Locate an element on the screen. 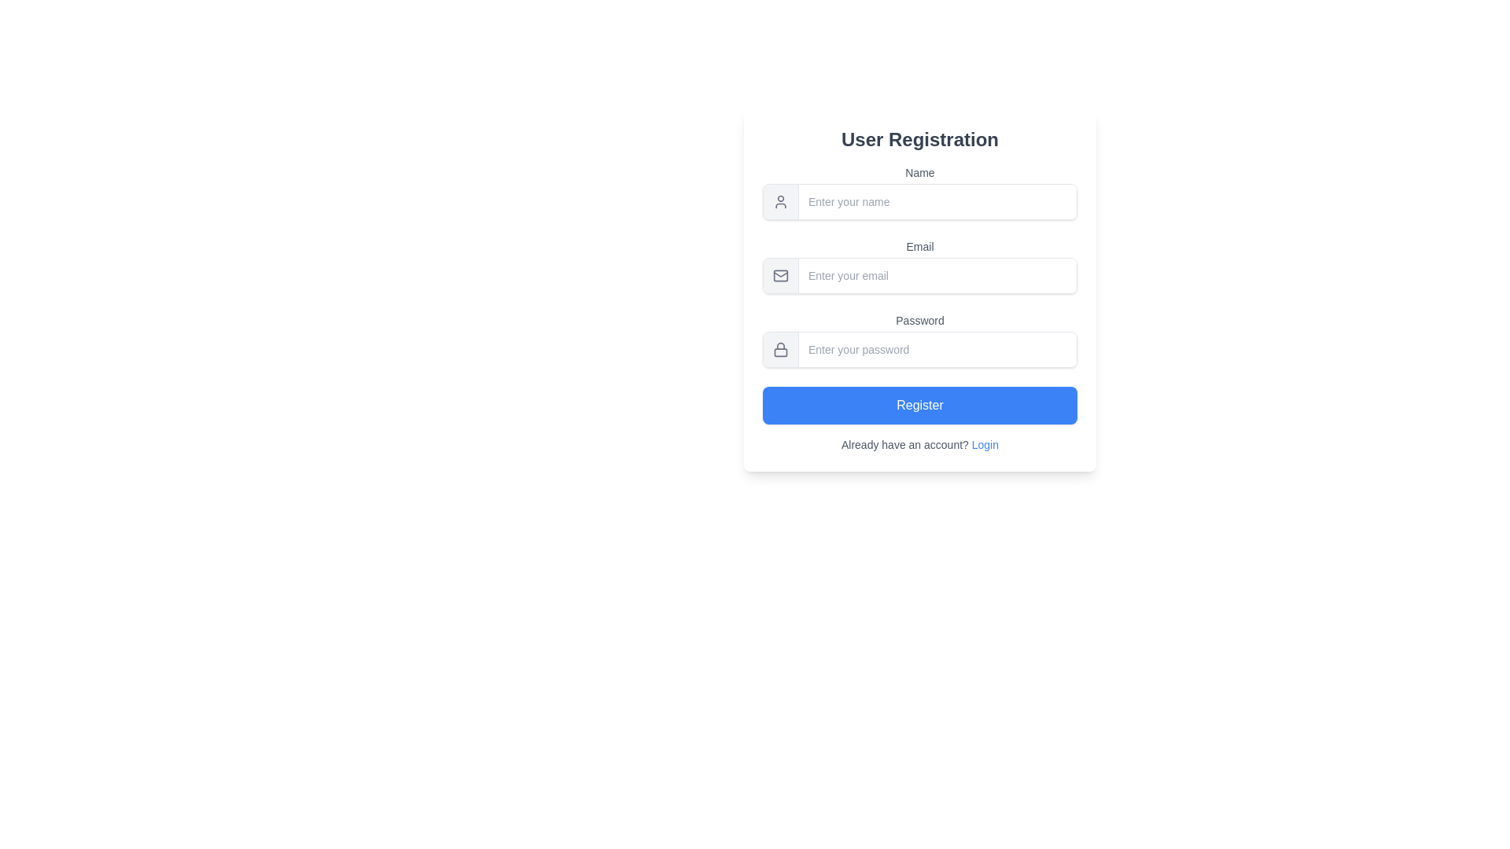 The image size is (1510, 849). the Password input field, which is the third input field in the user registration form is located at coordinates (920, 339).